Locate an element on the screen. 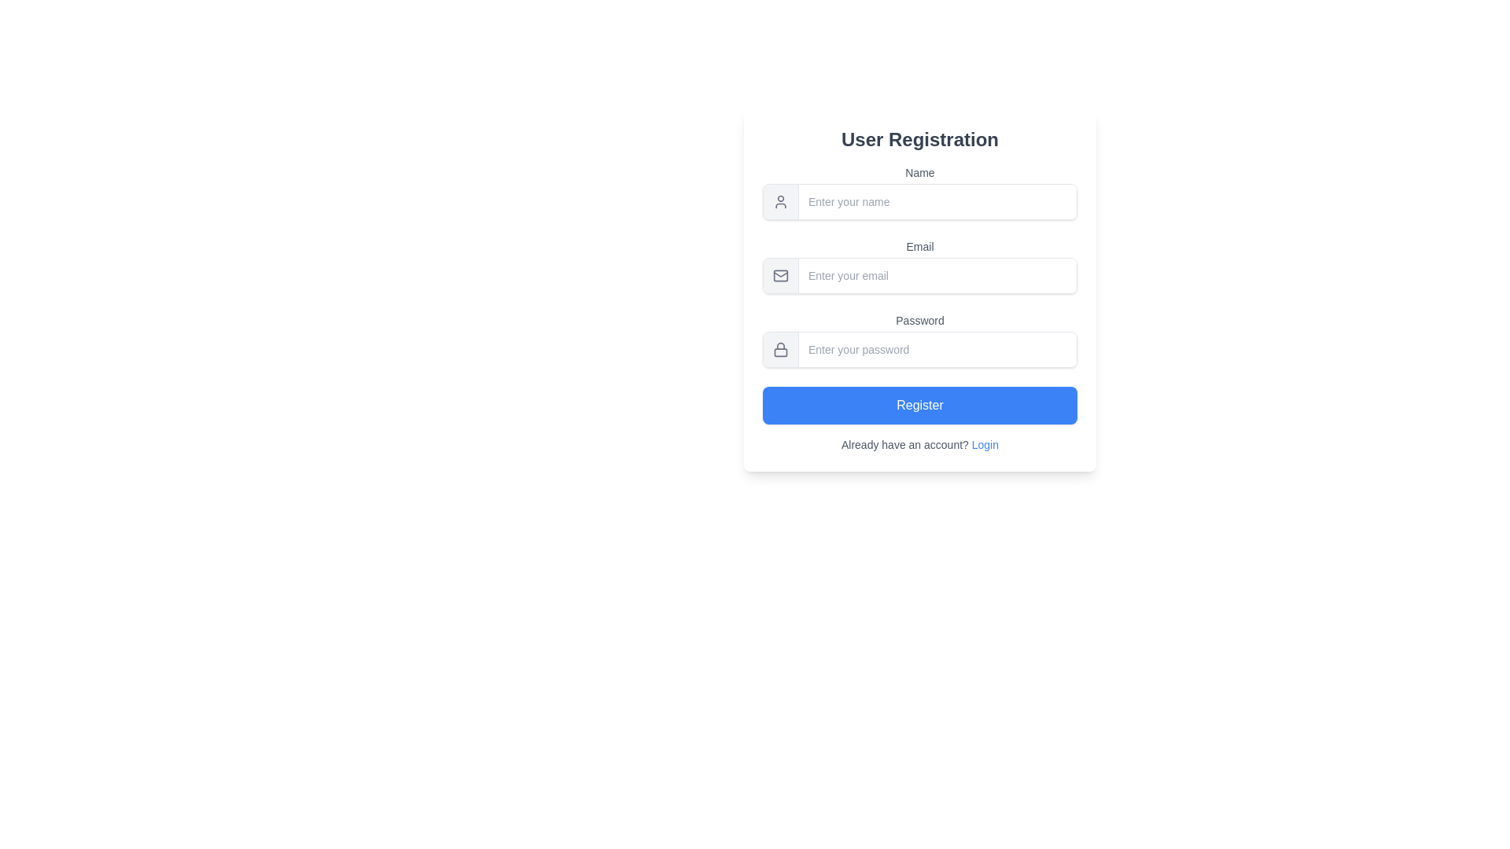 The image size is (1510, 849). the Password input field, which is the third input field in the user registration form is located at coordinates (920, 339).